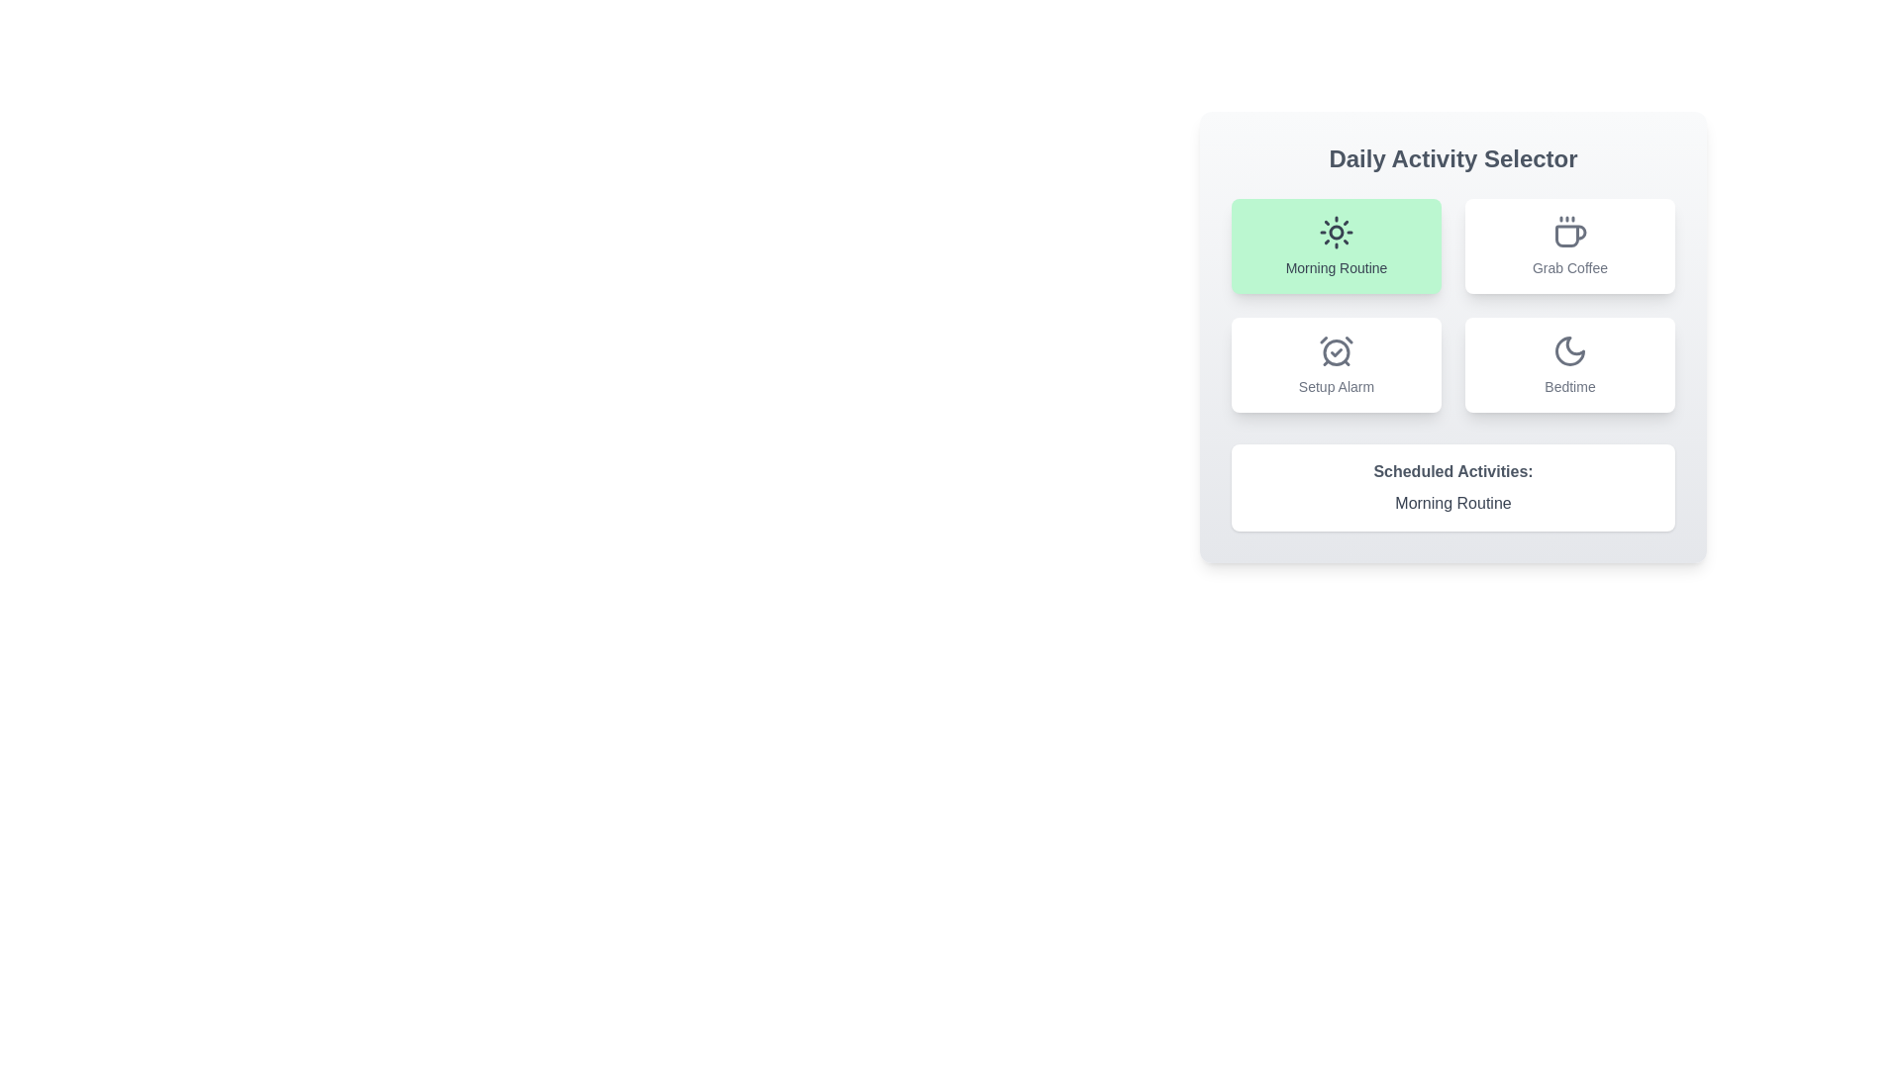 Image resolution: width=1901 pixels, height=1069 pixels. I want to click on the activity Setup Alarm by clicking its button, so click(1336, 365).